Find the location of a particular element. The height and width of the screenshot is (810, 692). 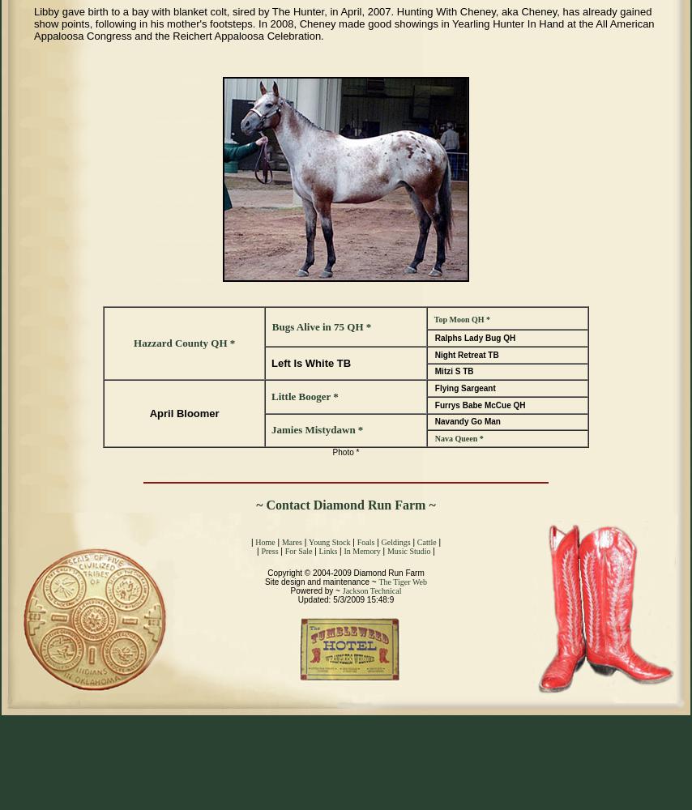

'Bugs Alive in 75 QH *' is located at coordinates (320, 326).